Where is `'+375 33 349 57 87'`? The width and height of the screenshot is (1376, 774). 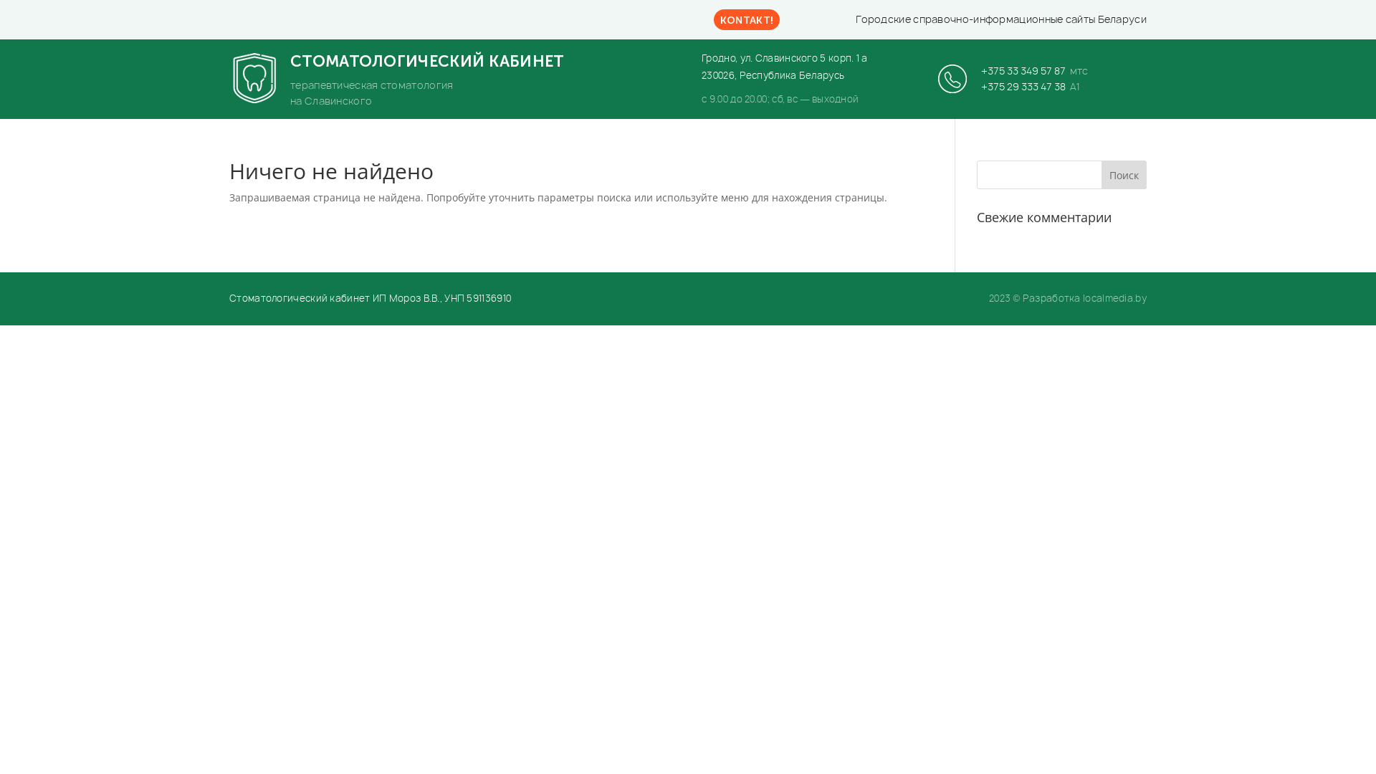 '+375 33 349 57 87' is located at coordinates (1023, 70).